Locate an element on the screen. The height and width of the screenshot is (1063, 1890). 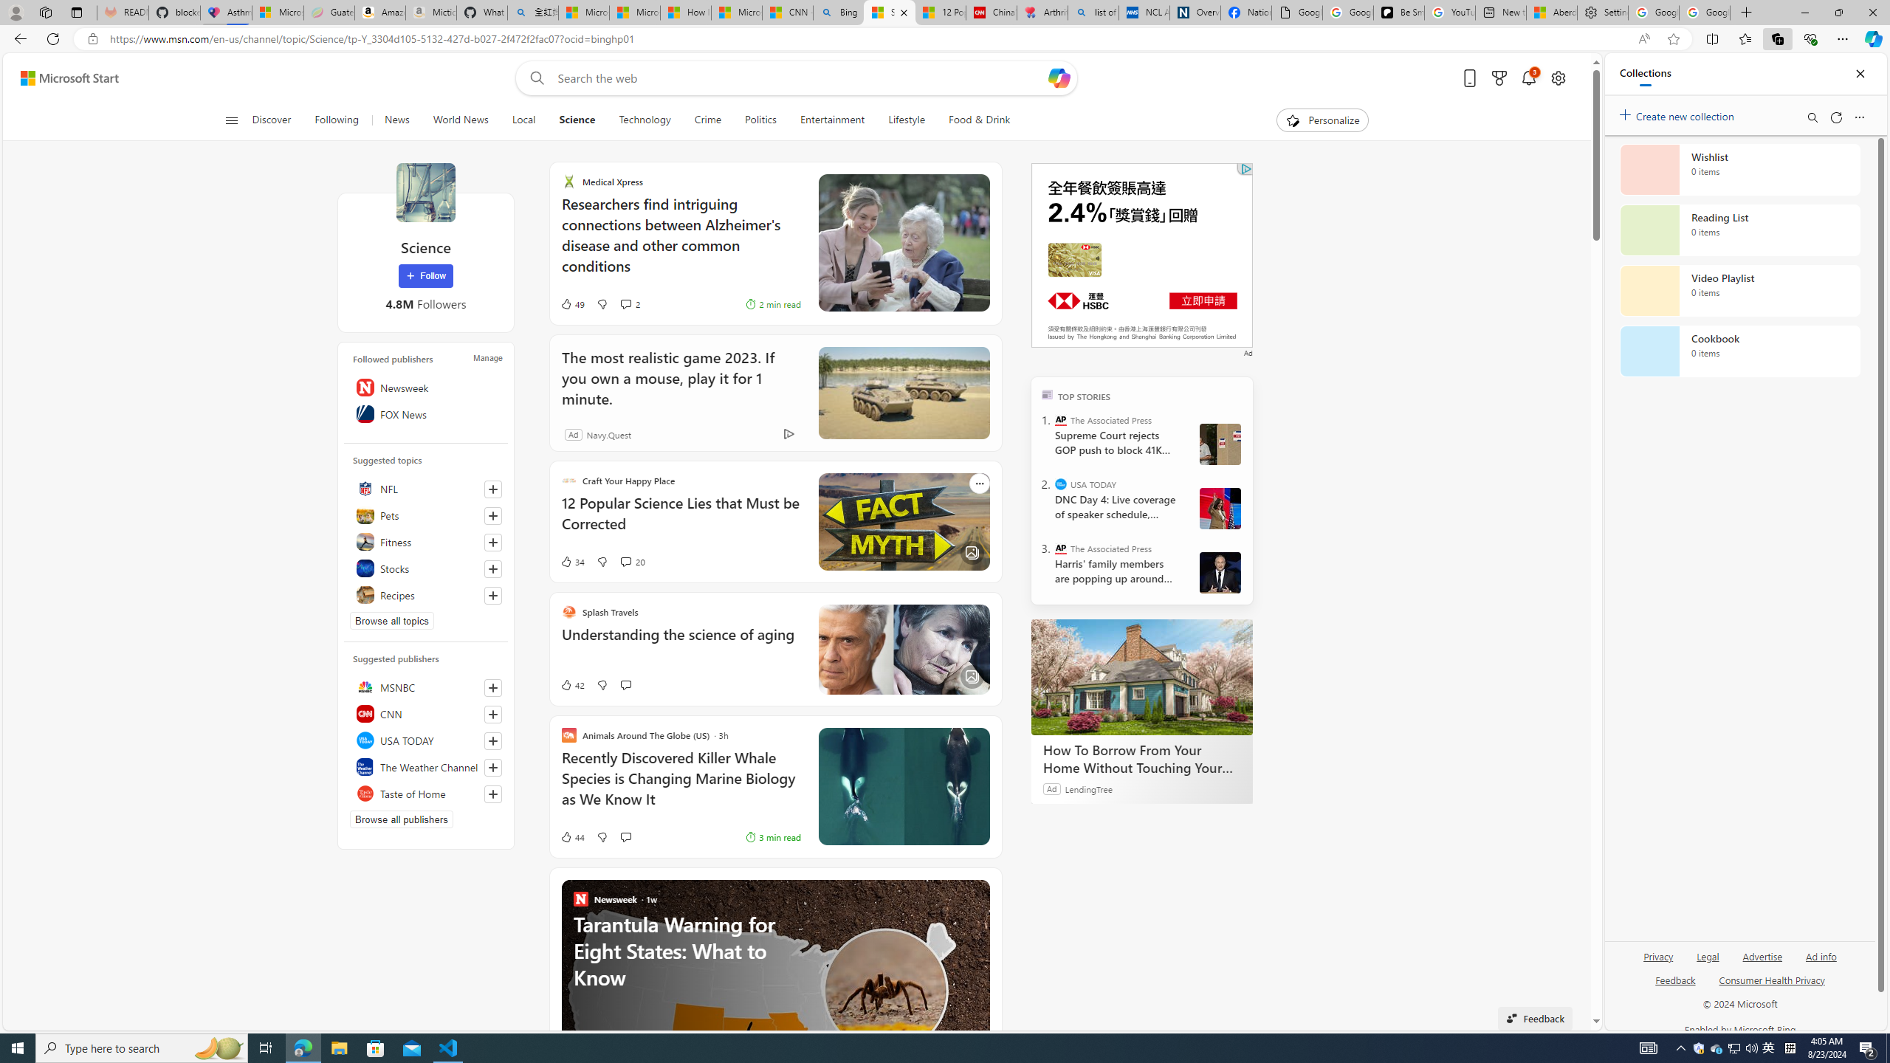
'Class: qc-adchoices-link top-right ' is located at coordinates (1245, 168).